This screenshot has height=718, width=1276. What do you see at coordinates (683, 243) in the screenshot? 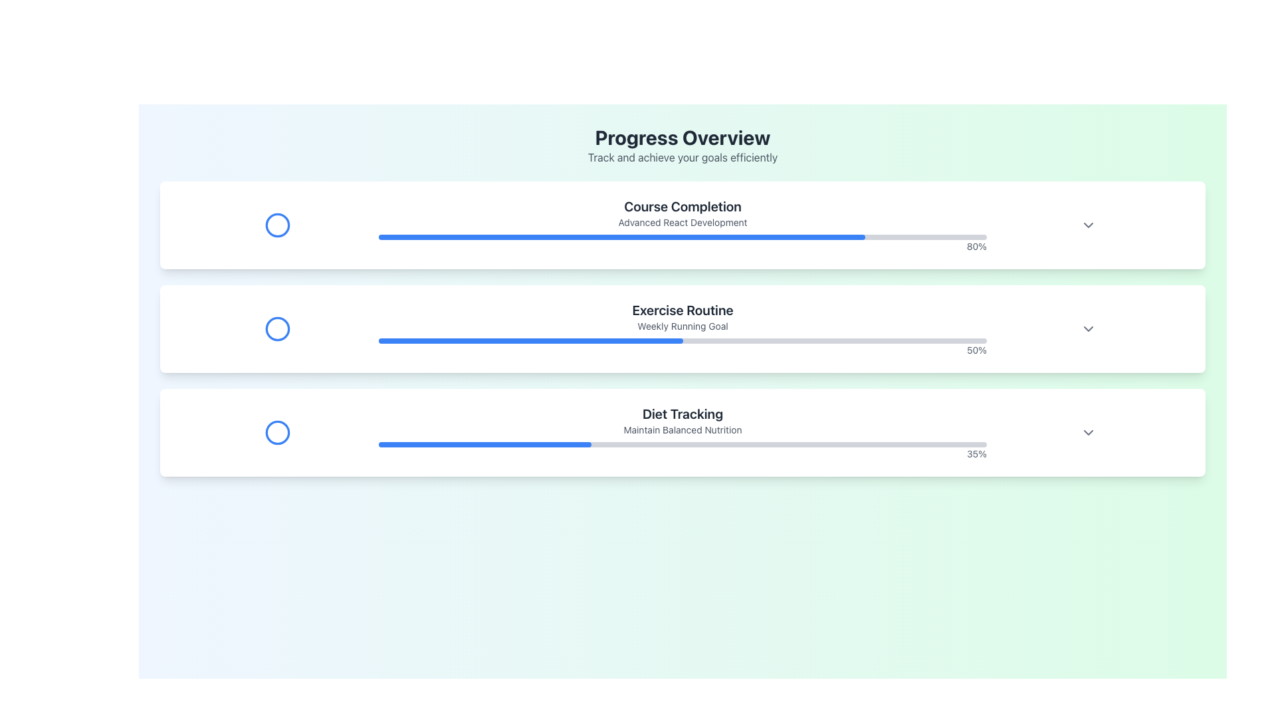
I see `the progress bar indicating 80% completion, which is styled with a gray background and a filled blue section, located below the 'Advanced React Development' text` at bounding box center [683, 243].